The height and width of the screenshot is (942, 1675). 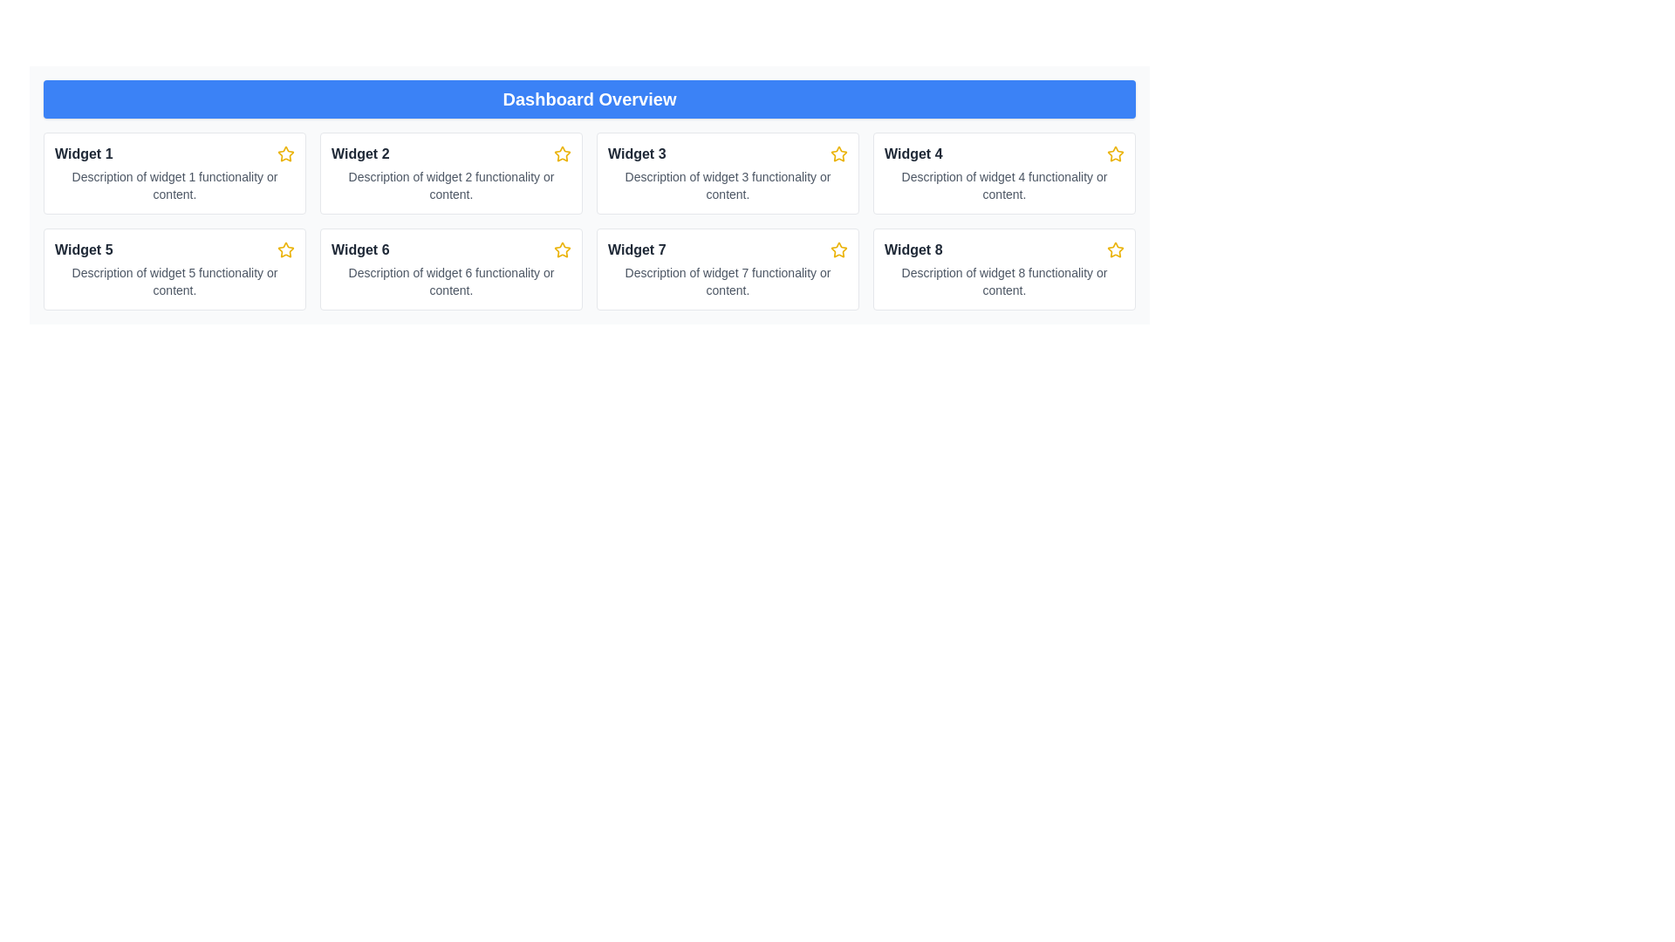 What do you see at coordinates (1114, 249) in the screenshot?
I see `the yellow star-shaped icon located in the top-right corner of the 'Widget 8' card in the bottom row of the widget grid in the 'Dashboard Overview' section` at bounding box center [1114, 249].